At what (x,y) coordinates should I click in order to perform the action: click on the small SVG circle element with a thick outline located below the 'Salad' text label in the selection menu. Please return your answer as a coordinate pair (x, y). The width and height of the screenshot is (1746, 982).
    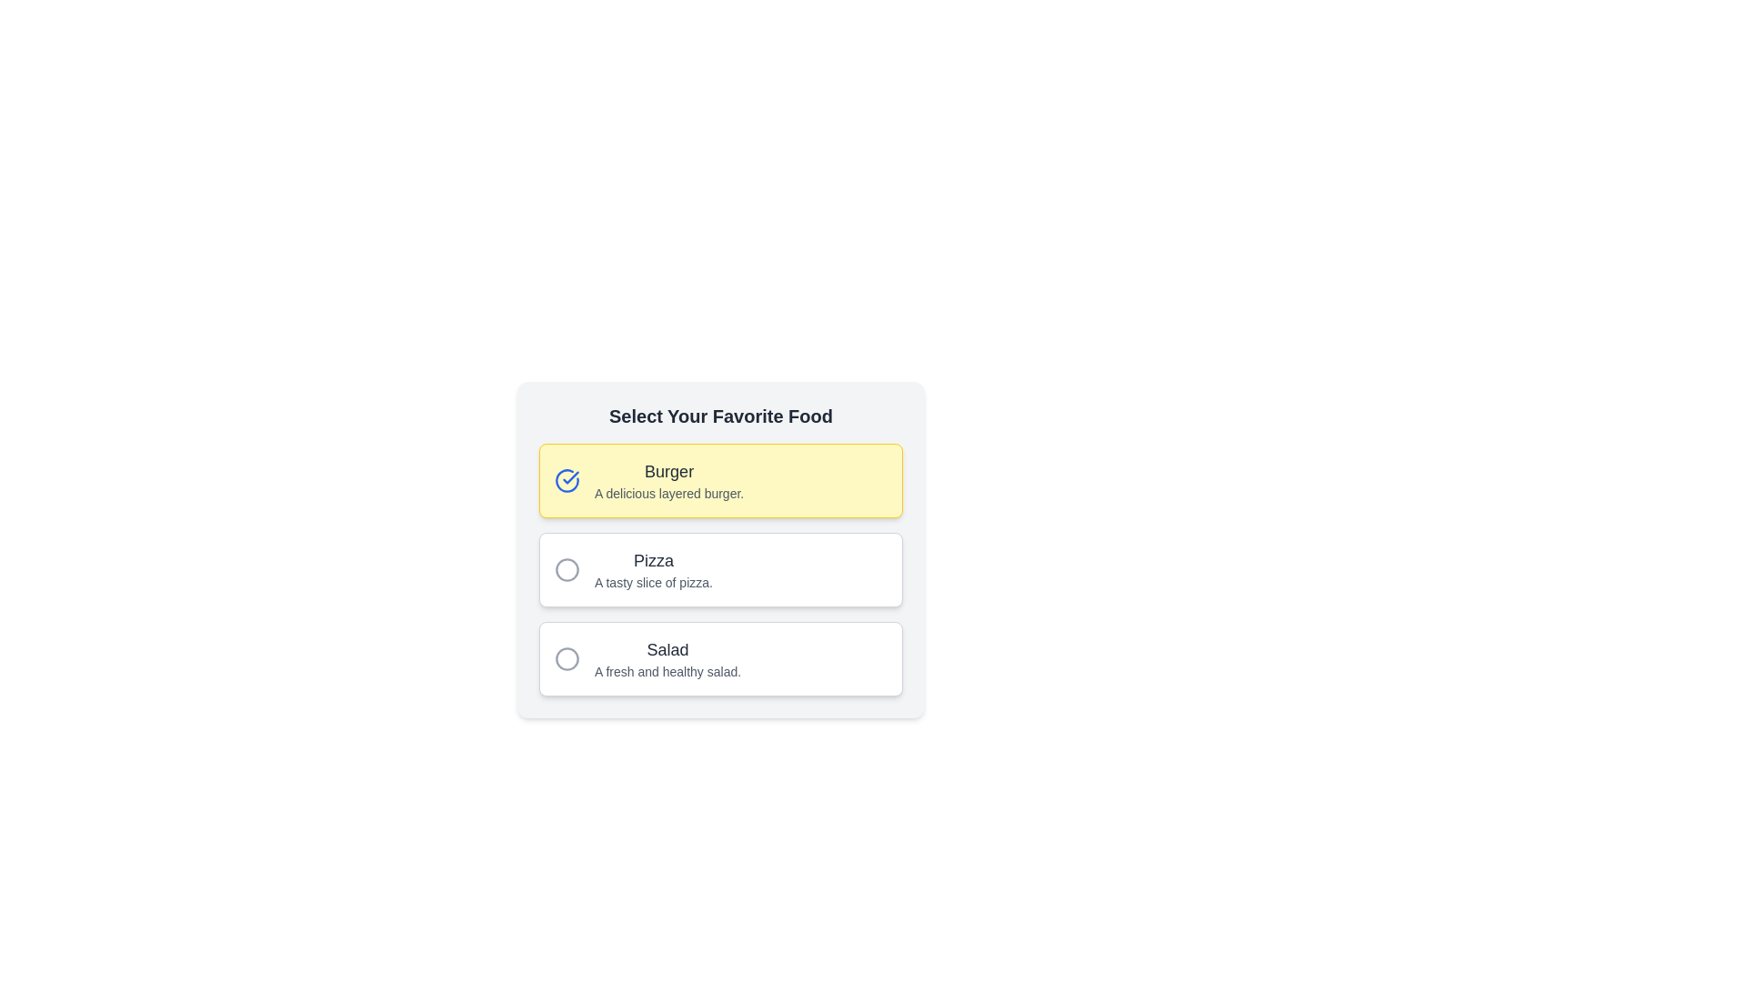
    Looking at the image, I should click on (567, 659).